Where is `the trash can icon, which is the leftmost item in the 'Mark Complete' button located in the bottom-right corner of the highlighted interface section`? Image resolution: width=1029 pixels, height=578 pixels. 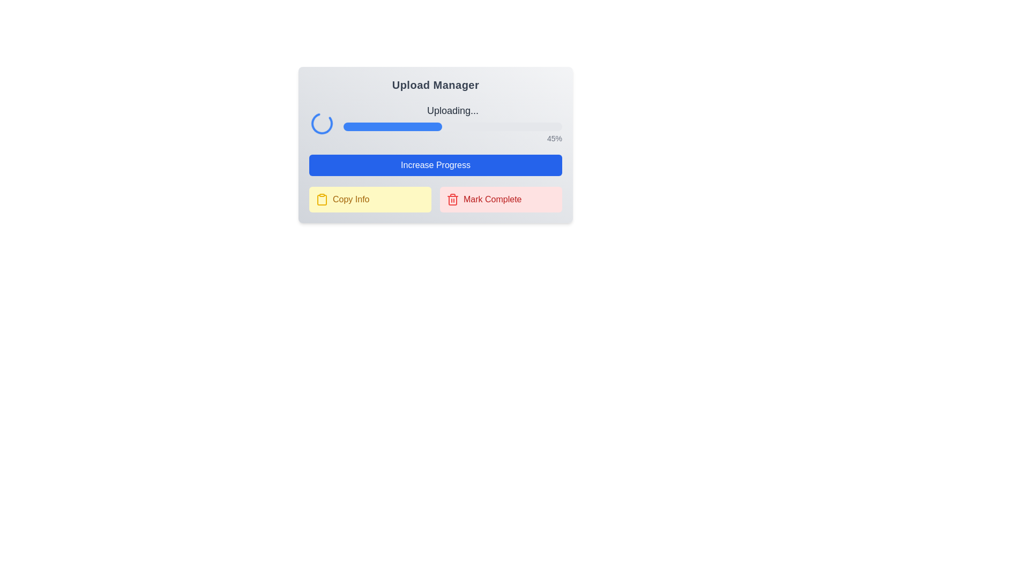
the trash can icon, which is the leftmost item in the 'Mark Complete' button located in the bottom-right corner of the highlighted interface section is located at coordinates (452, 200).